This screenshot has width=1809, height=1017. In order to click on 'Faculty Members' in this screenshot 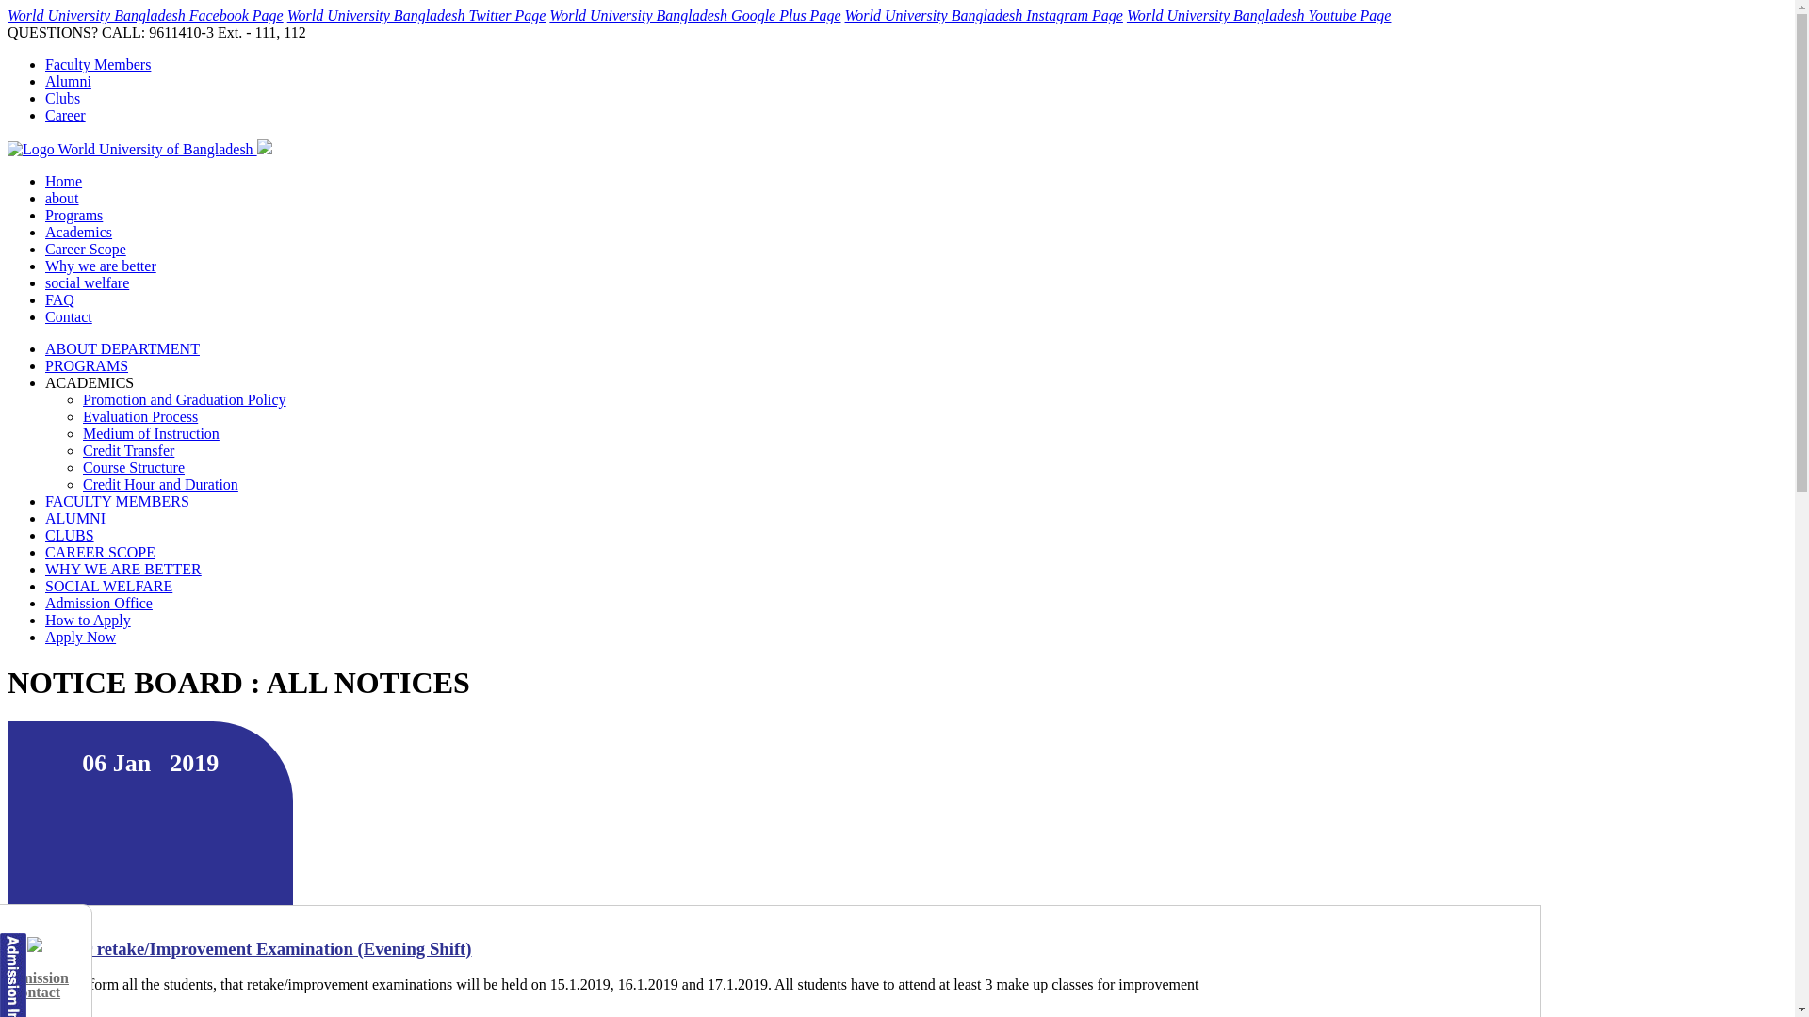, I will do `click(97, 63)`.